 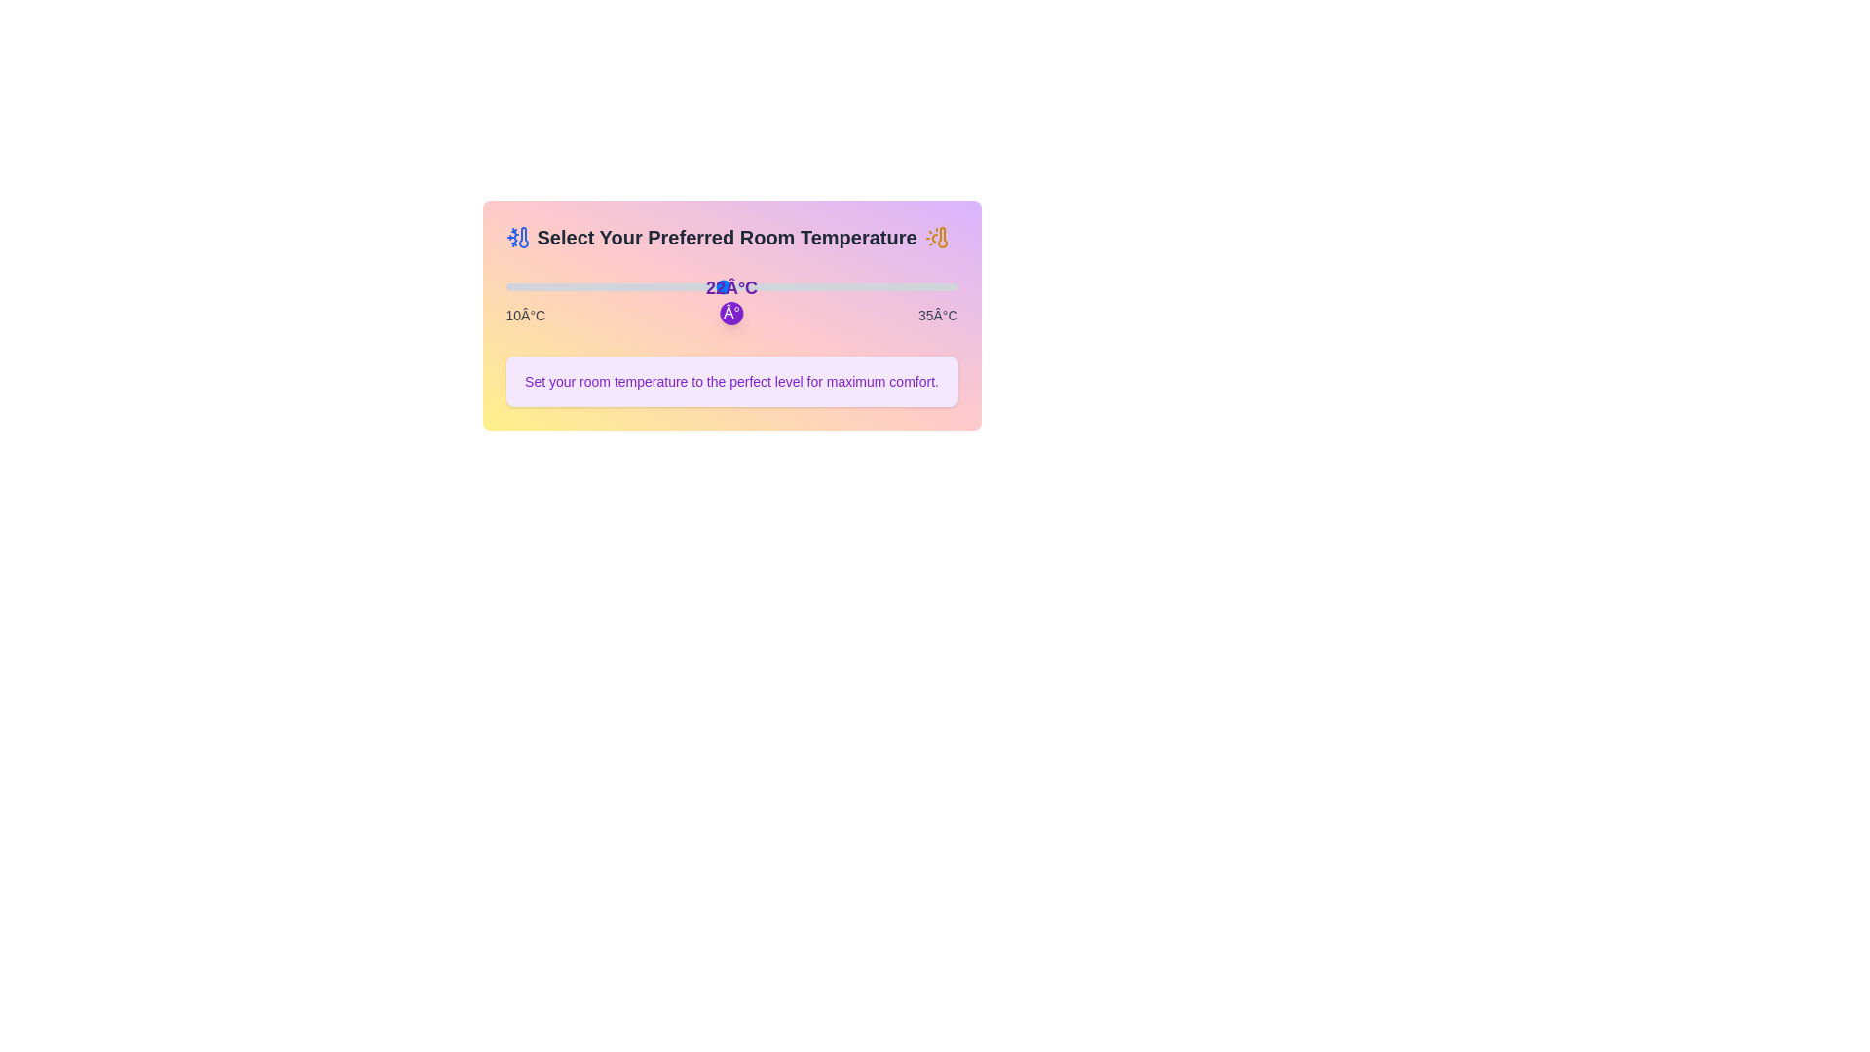 What do you see at coordinates (730, 288) in the screenshot?
I see `the temperature display to focus on it` at bounding box center [730, 288].